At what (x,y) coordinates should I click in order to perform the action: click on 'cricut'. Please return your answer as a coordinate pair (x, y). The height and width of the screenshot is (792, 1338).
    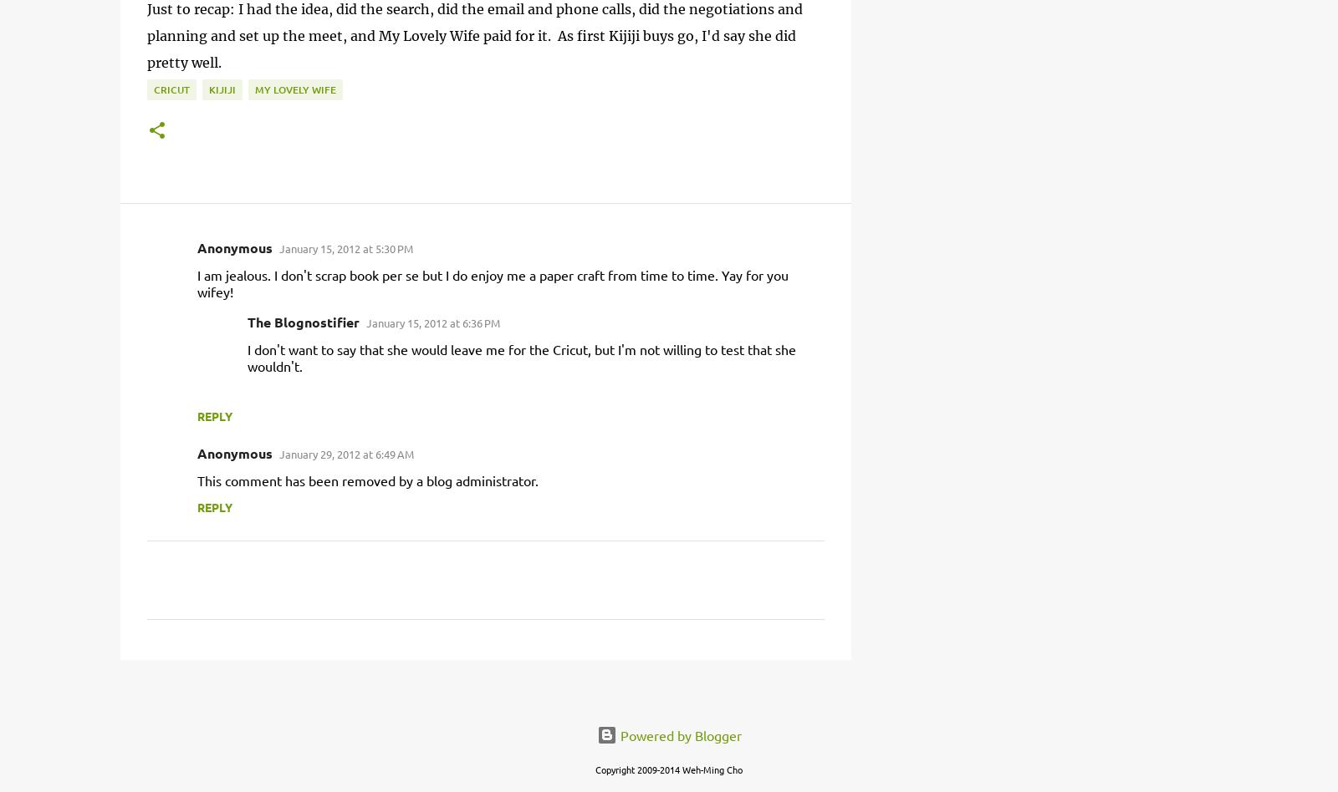
    Looking at the image, I should click on (171, 89).